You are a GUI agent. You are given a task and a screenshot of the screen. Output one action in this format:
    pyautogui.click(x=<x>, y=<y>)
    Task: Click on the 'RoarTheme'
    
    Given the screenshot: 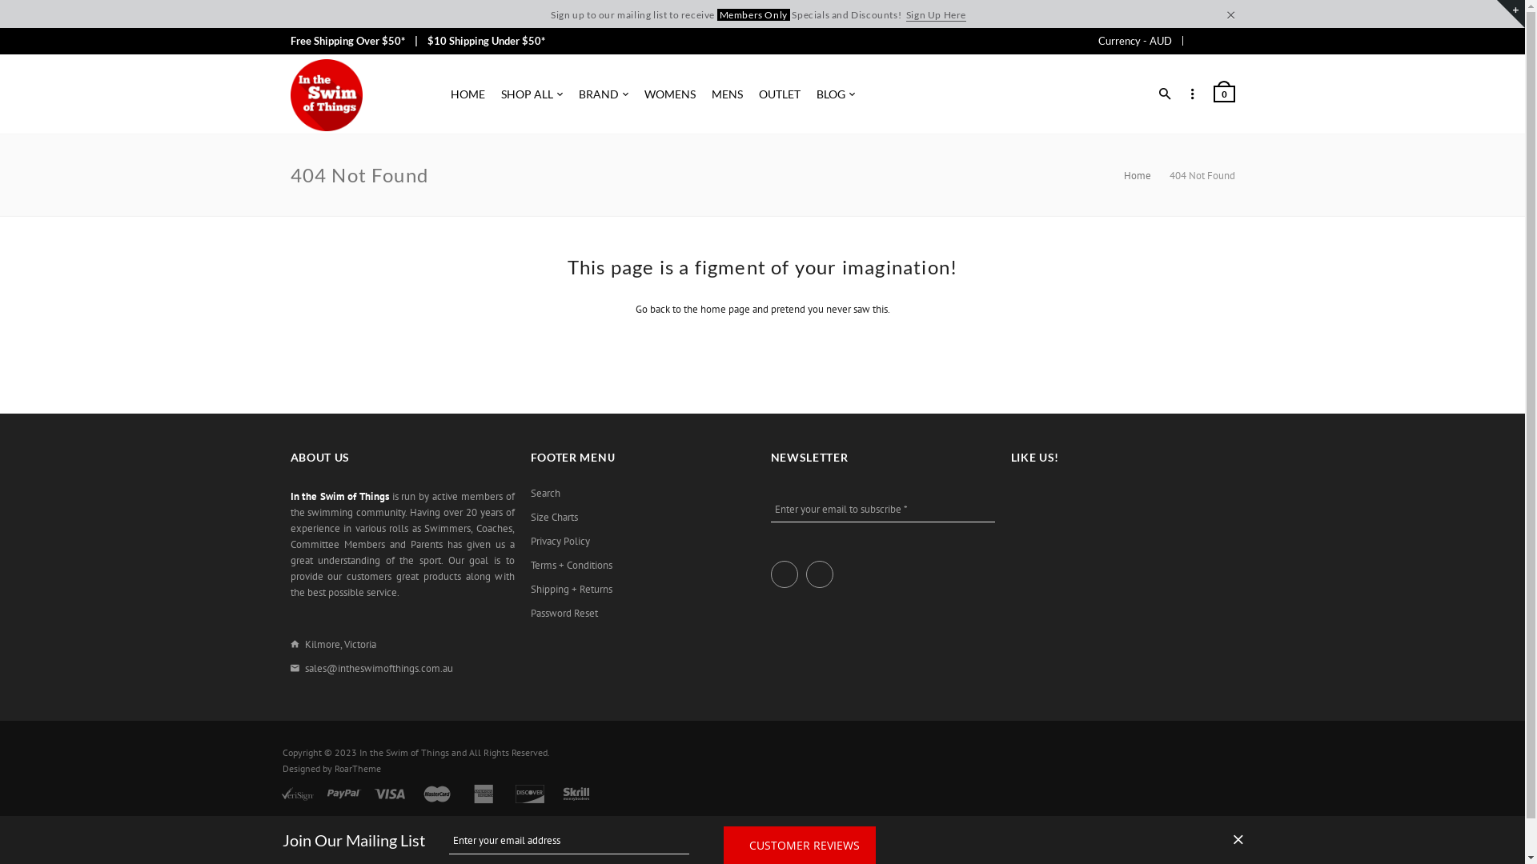 What is the action you would take?
    pyautogui.click(x=356, y=767)
    